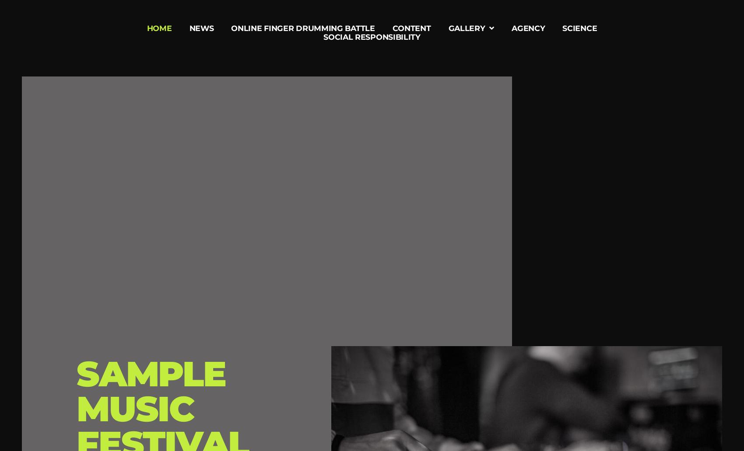 This screenshot has width=744, height=451. I want to click on 'home', so click(158, 28).